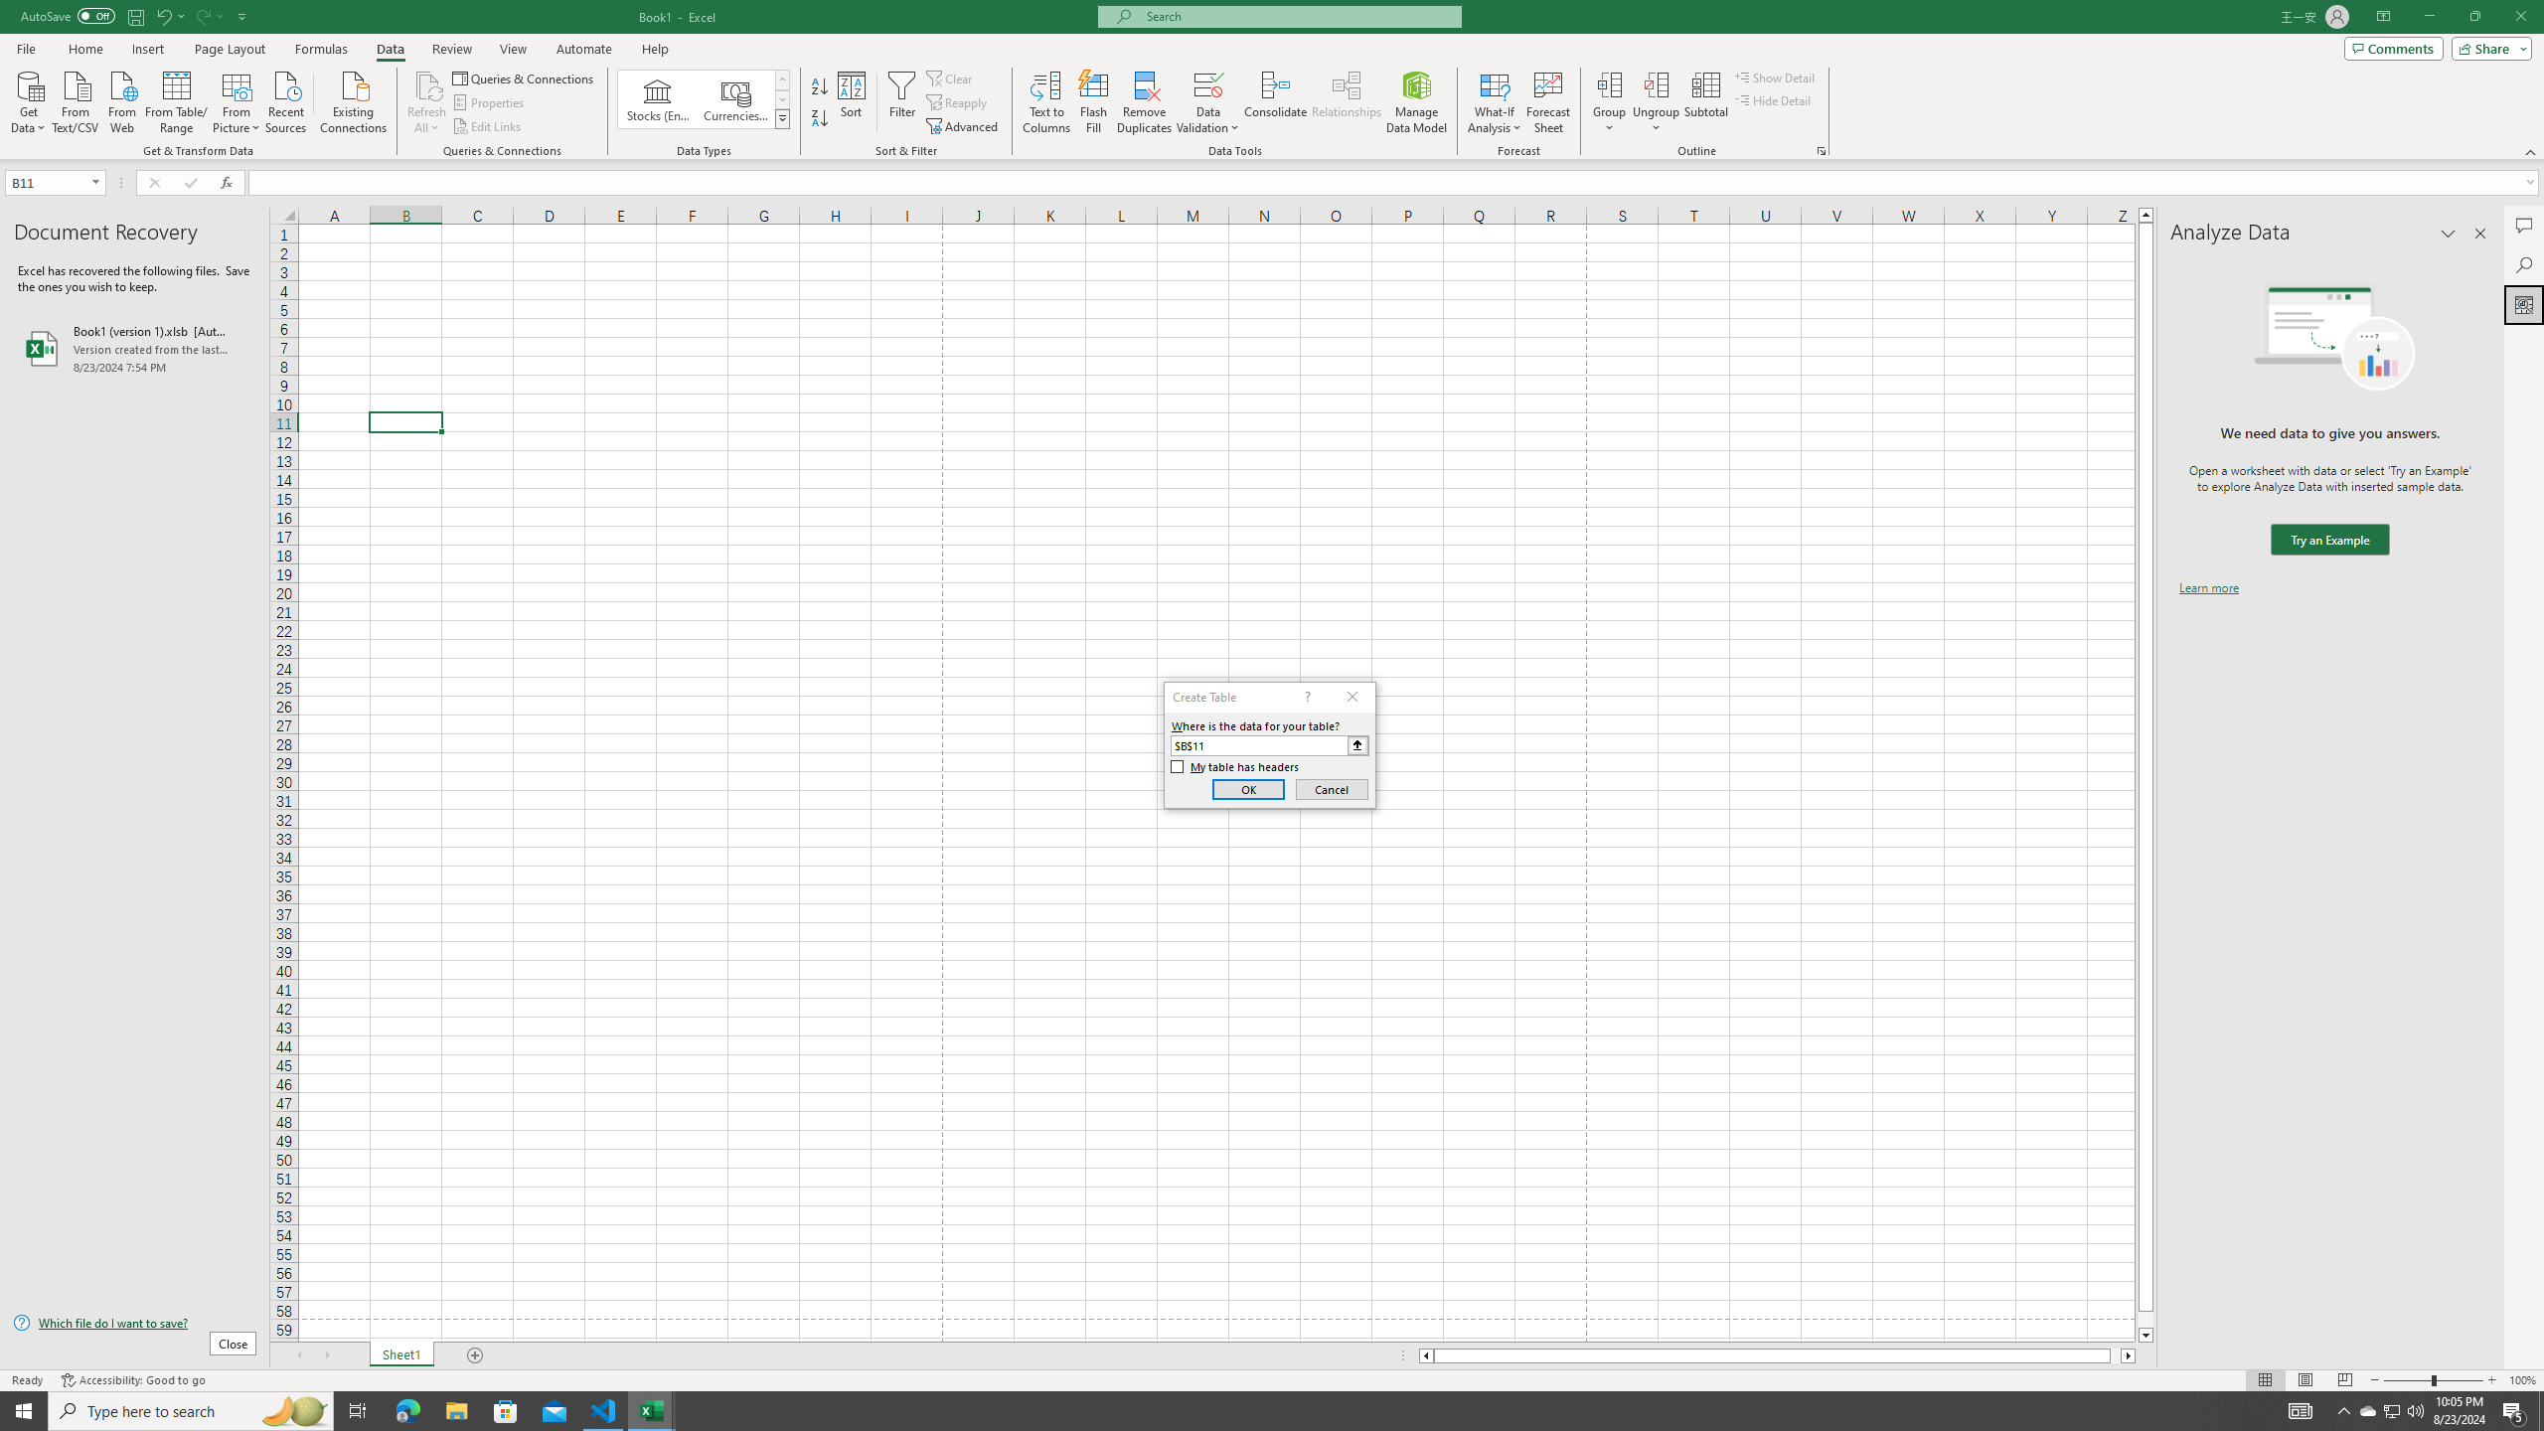  Describe the element at coordinates (1045, 102) in the screenshot. I see `'Text to Columns...'` at that location.